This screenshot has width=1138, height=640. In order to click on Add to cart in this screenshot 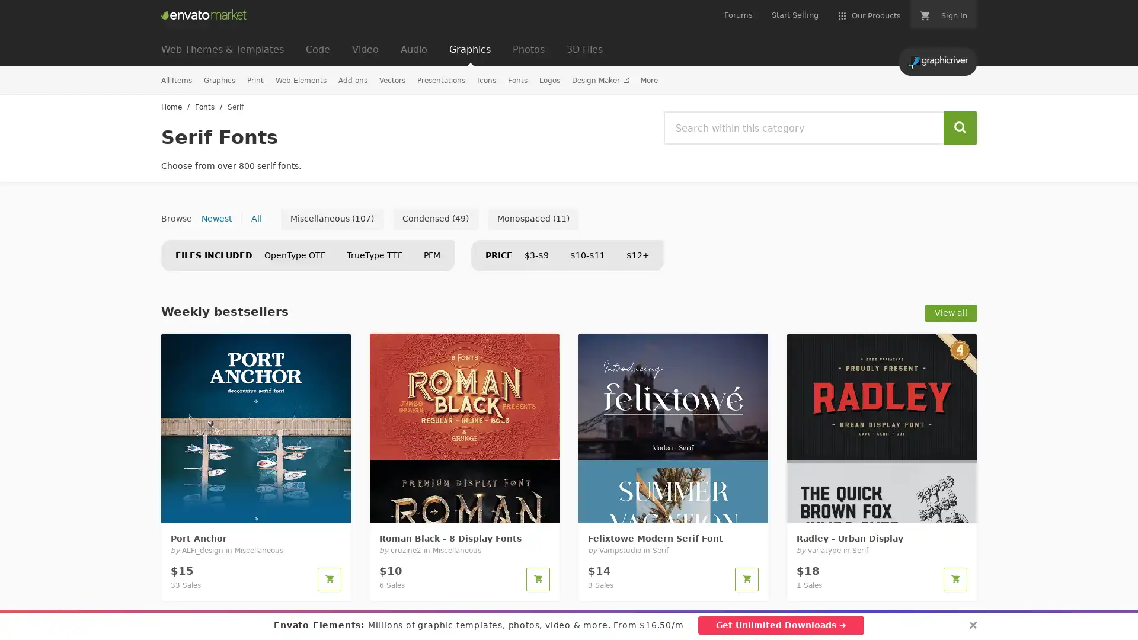, I will do `click(537, 579)`.